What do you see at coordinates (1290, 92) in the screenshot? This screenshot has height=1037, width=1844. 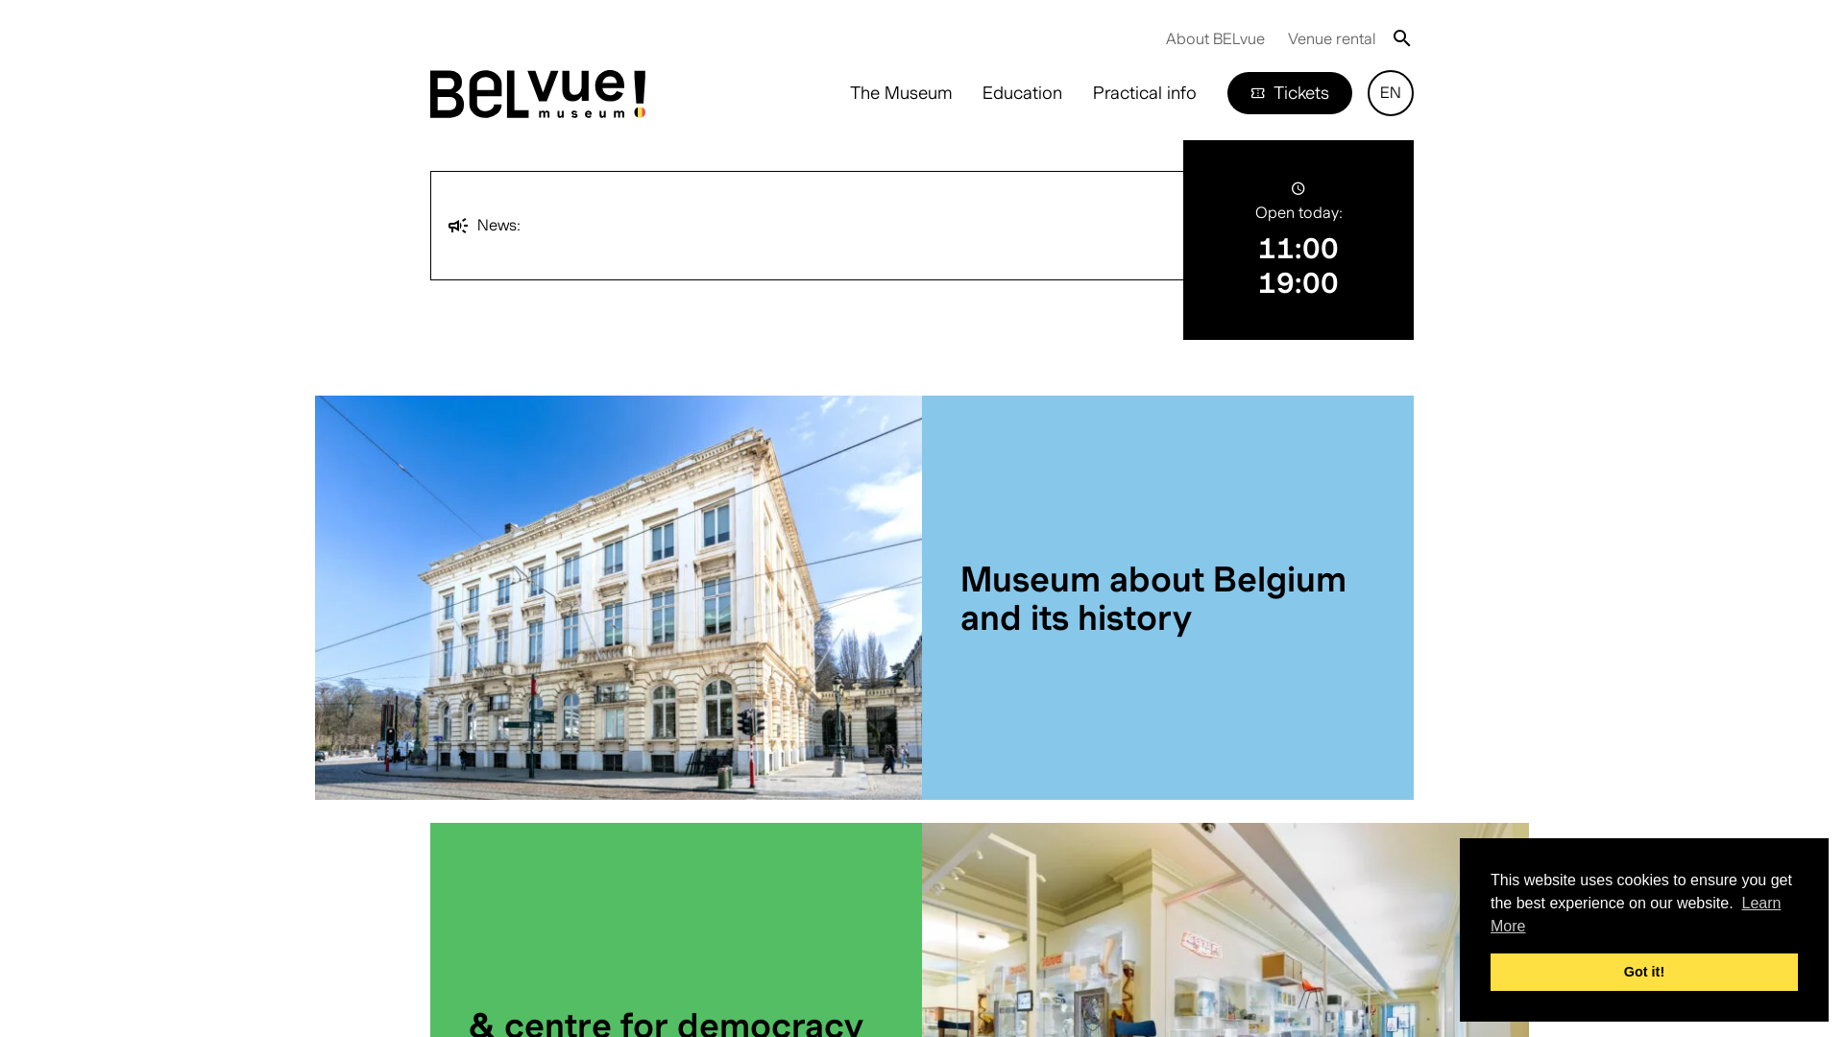 I see `'Tickets'` at bounding box center [1290, 92].